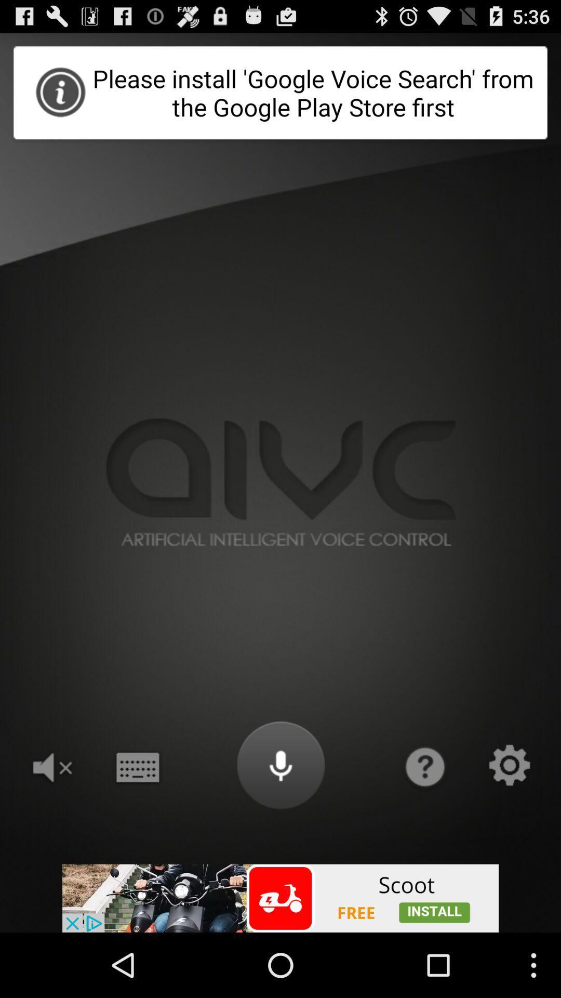  Describe the element at coordinates (137, 819) in the screenshot. I see `the date_range icon` at that location.